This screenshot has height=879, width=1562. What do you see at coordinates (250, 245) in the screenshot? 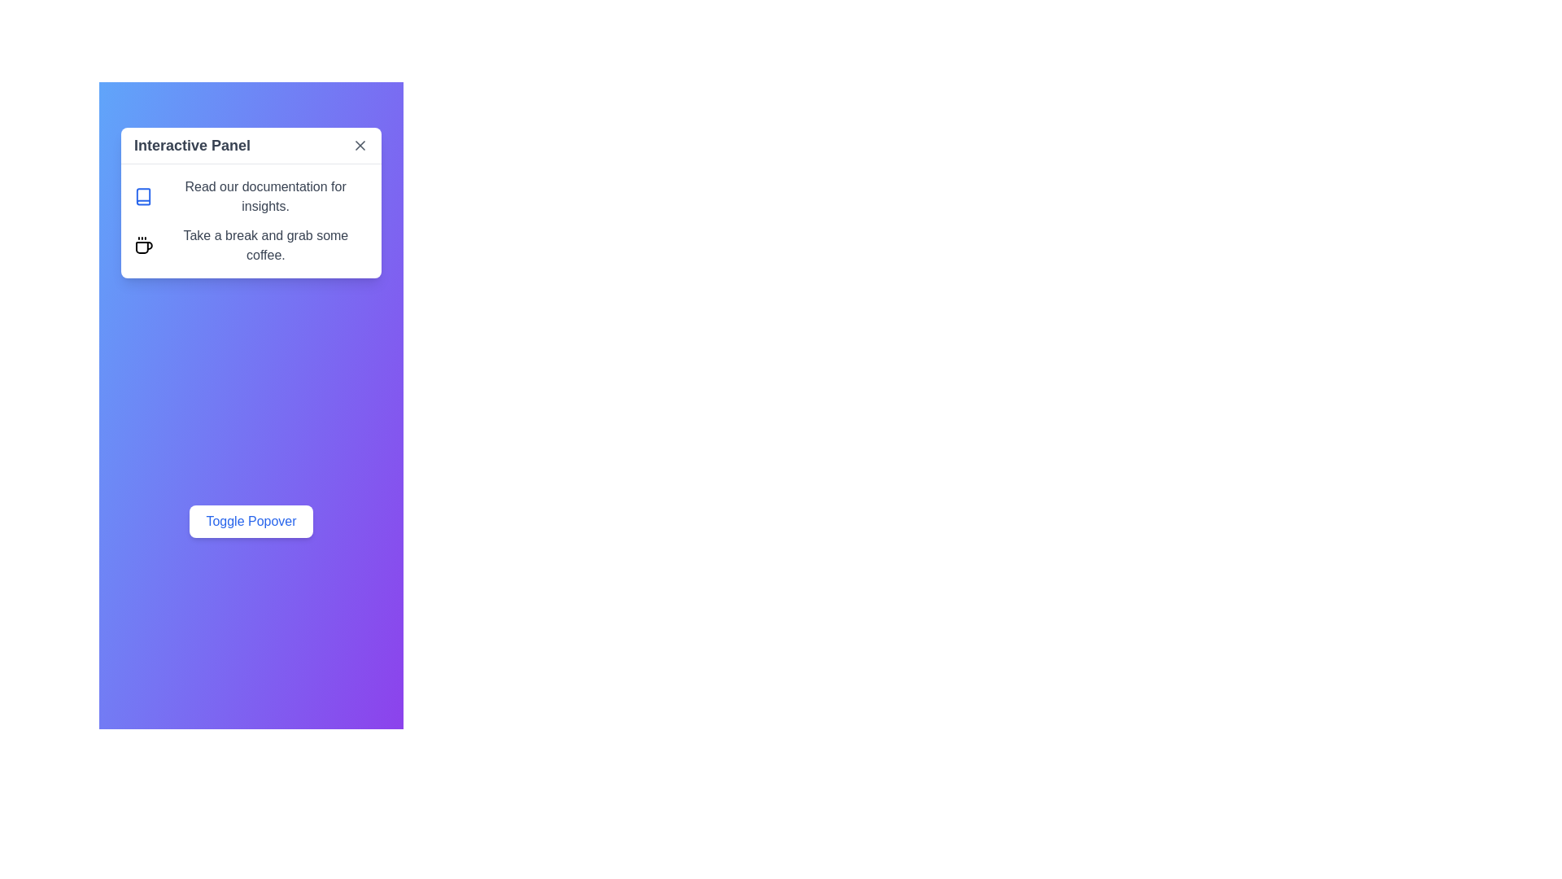
I see `the informational label with icon, which is the second text-based item in the vertical list beneath the 'Read our documentation for insights' section` at bounding box center [250, 245].